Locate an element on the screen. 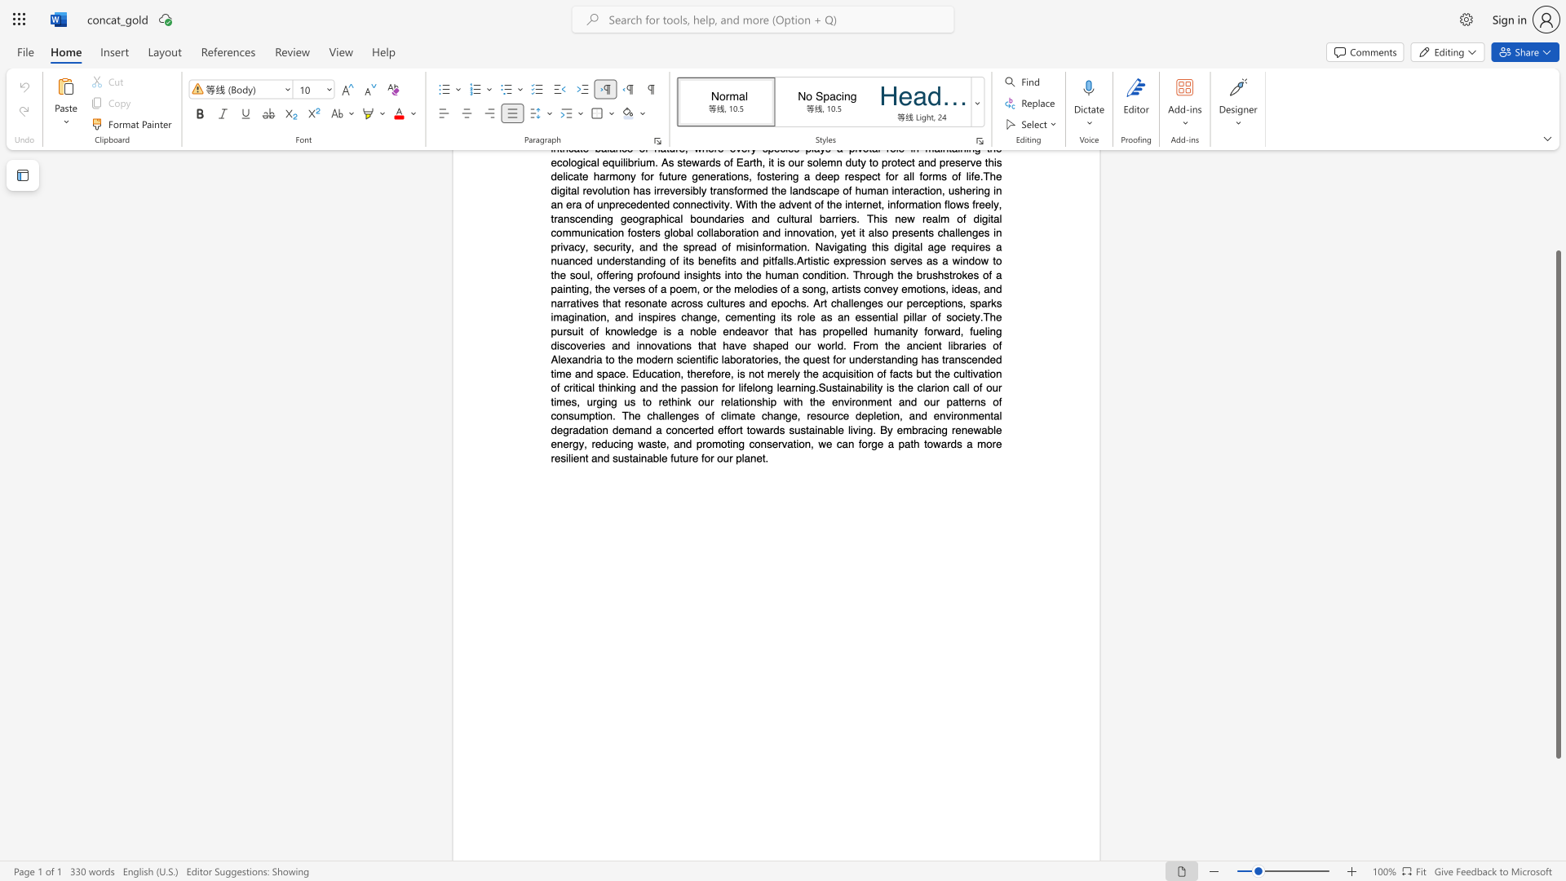 This screenshot has width=1566, height=881. the scrollbar and move up 90 pixels is located at coordinates (1557, 503).